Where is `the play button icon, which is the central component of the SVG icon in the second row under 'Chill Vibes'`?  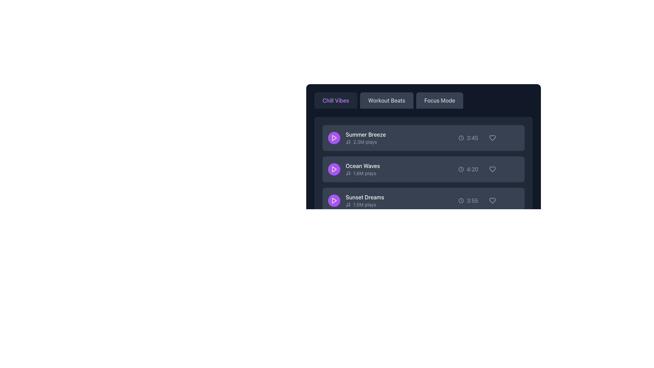 the play button icon, which is the central component of the SVG icon in the second row under 'Chill Vibes' is located at coordinates (334, 169).